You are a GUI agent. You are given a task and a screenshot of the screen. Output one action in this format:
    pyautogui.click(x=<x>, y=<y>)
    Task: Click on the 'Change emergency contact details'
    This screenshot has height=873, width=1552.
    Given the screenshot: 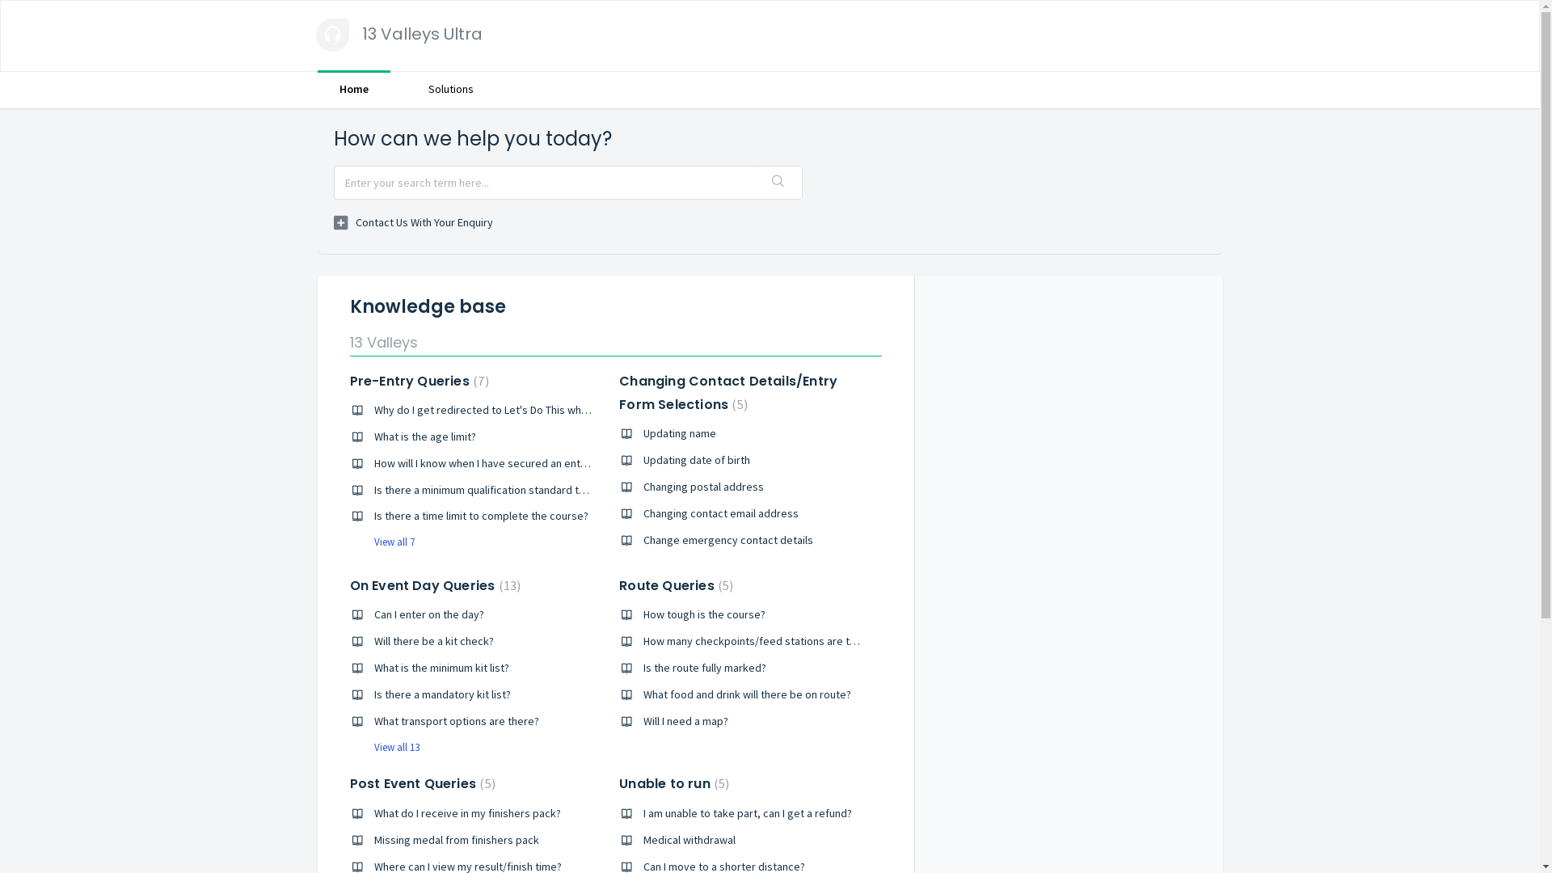 What is the action you would take?
    pyautogui.click(x=727, y=539)
    